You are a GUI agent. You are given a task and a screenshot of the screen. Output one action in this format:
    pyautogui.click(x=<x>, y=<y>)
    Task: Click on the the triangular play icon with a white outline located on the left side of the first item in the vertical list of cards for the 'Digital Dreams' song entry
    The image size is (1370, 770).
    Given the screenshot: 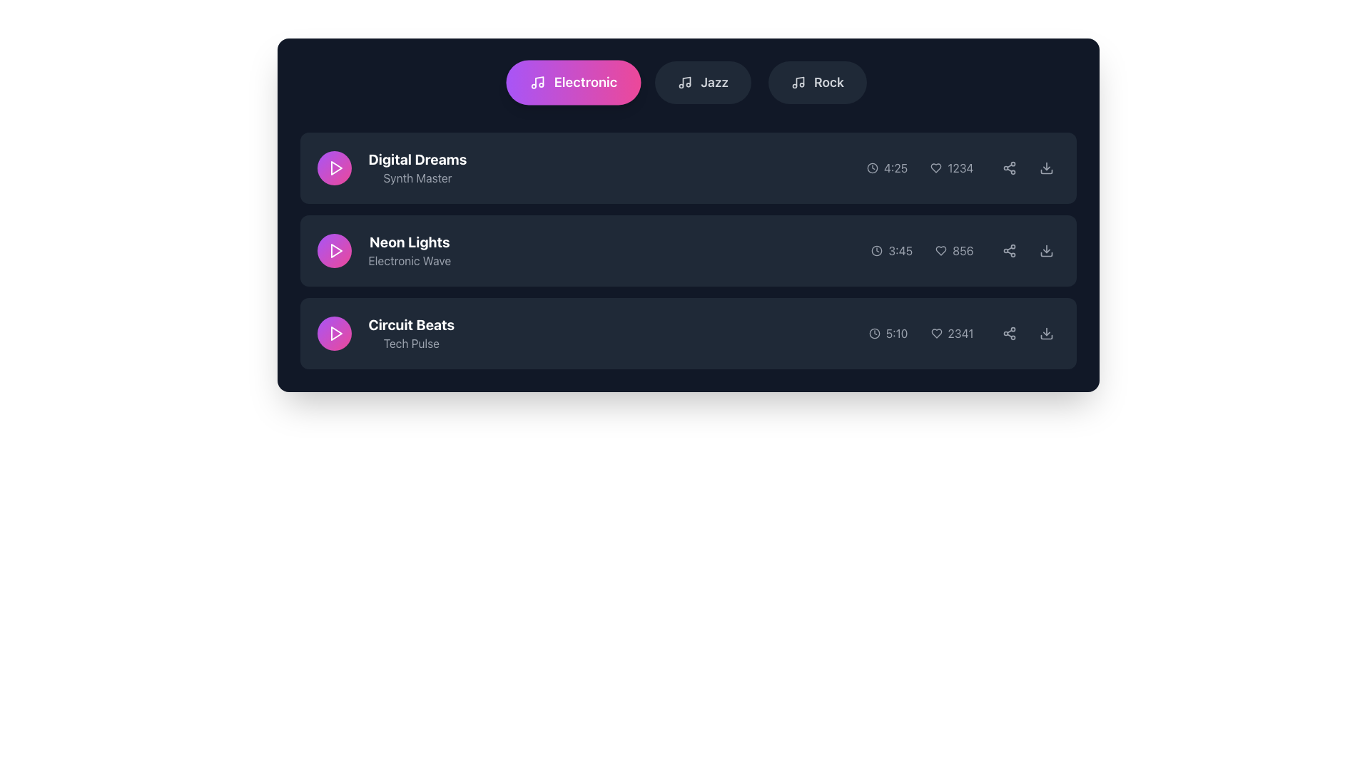 What is the action you would take?
    pyautogui.click(x=335, y=167)
    